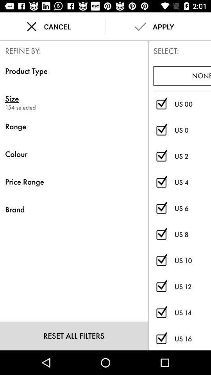 This screenshot has width=211, height=375. What do you see at coordinates (161, 234) in the screenshot?
I see `us 8` at bounding box center [161, 234].